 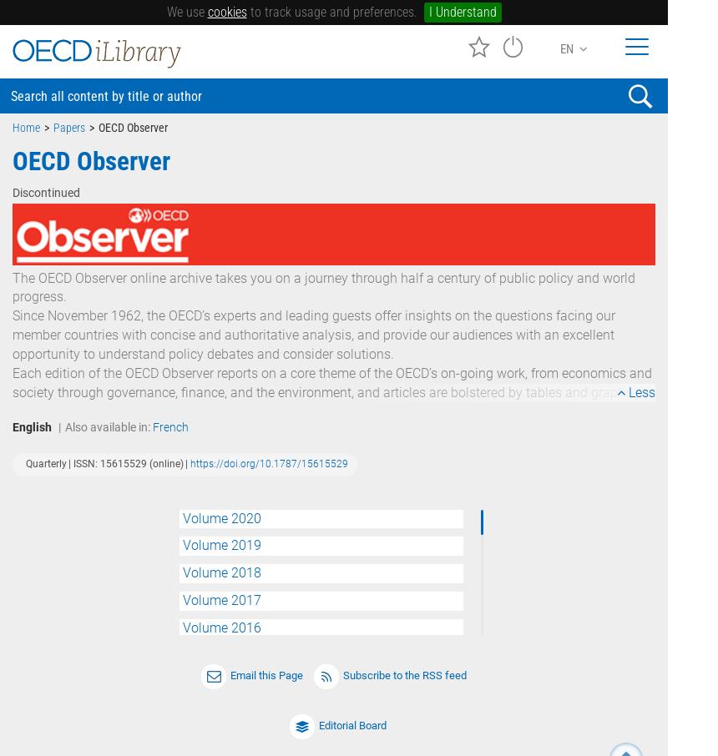 What do you see at coordinates (32, 426) in the screenshot?
I see `'English'` at bounding box center [32, 426].